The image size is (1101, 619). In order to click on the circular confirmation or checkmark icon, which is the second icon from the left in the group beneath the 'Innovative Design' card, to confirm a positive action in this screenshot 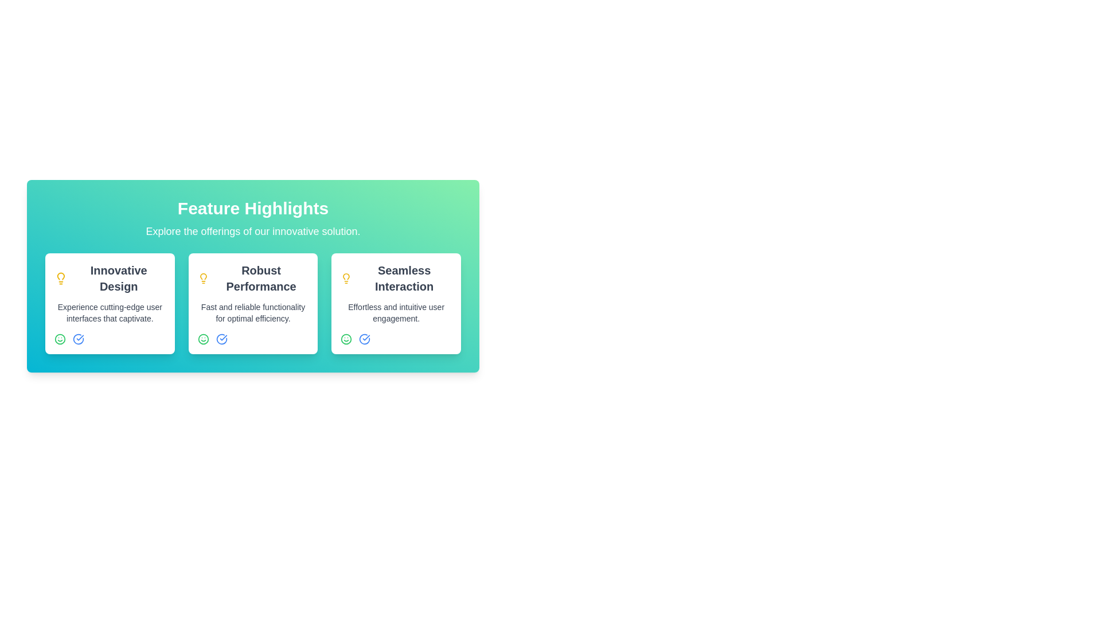, I will do `click(78, 338)`.